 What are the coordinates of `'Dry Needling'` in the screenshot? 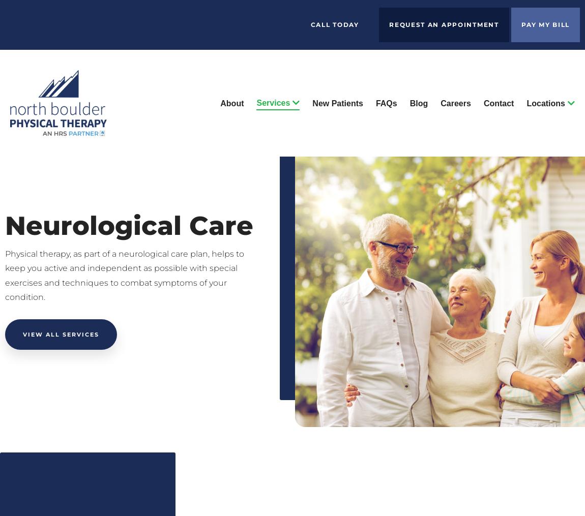 It's located at (242, 248).